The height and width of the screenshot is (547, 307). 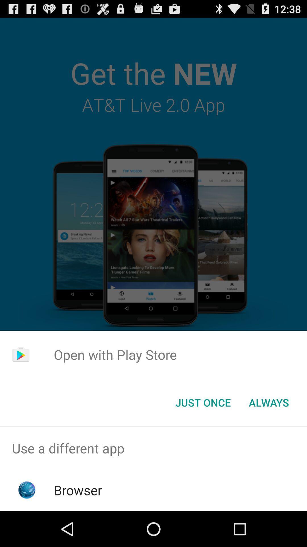 I want to click on button to the left of always icon, so click(x=203, y=402).